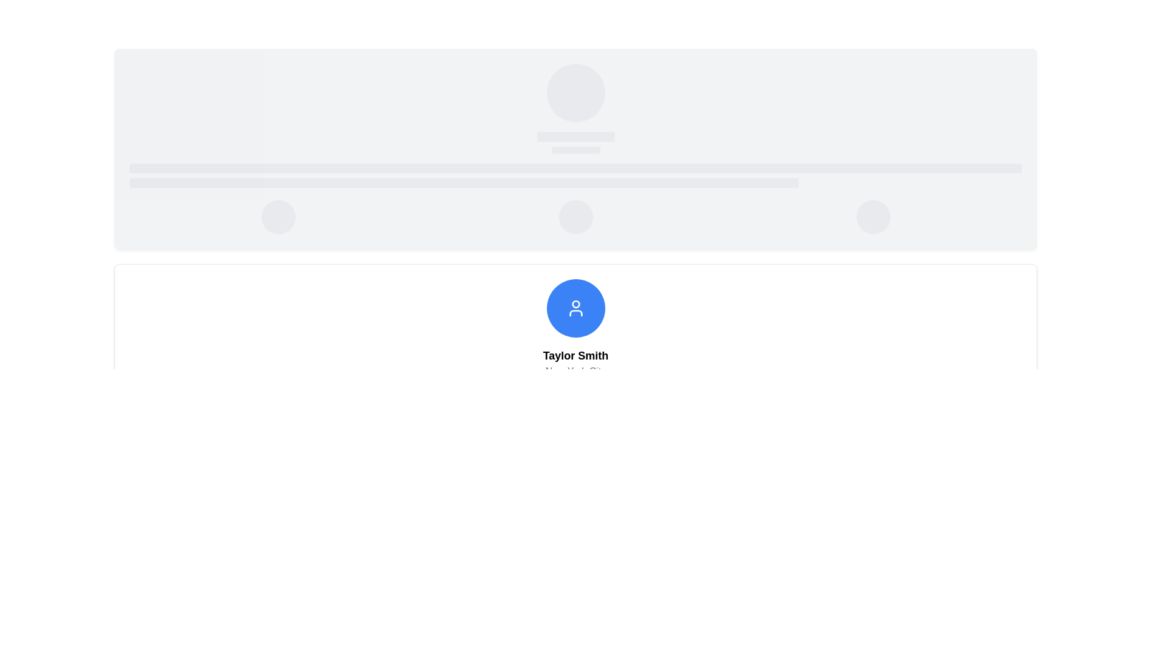 The image size is (1168, 657). What do you see at coordinates (575, 307) in the screenshot?
I see `the user profile icon located at the top of the card displaying 'Taylor Smith'` at bounding box center [575, 307].